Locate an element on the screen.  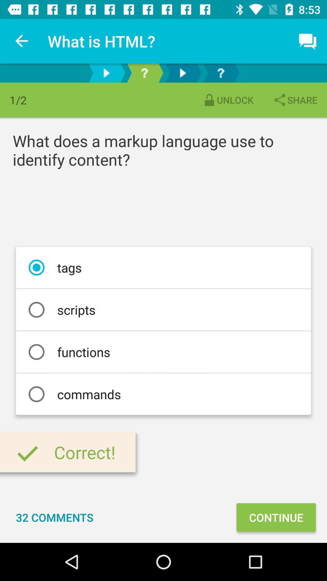
continue item is located at coordinates (276, 517).